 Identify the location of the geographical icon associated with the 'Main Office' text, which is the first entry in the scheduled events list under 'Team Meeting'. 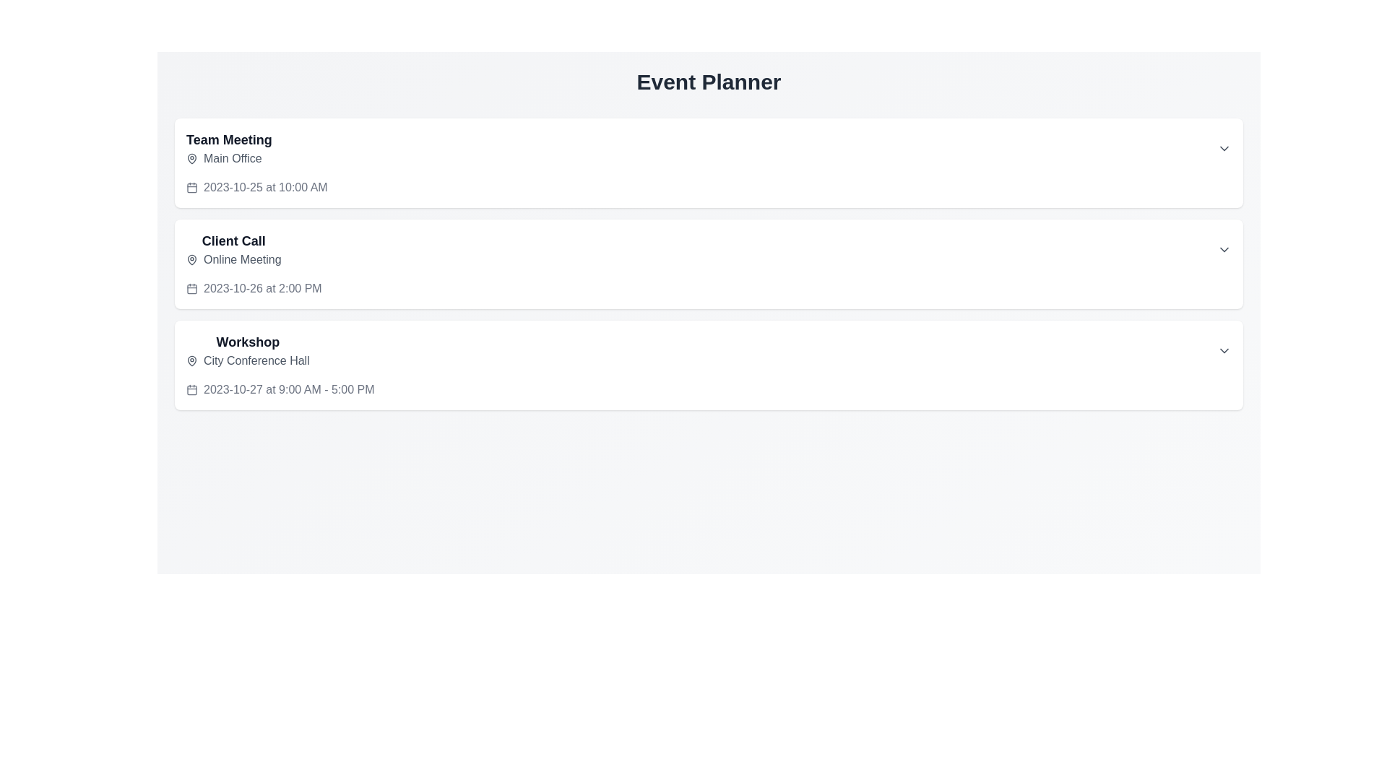
(191, 158).